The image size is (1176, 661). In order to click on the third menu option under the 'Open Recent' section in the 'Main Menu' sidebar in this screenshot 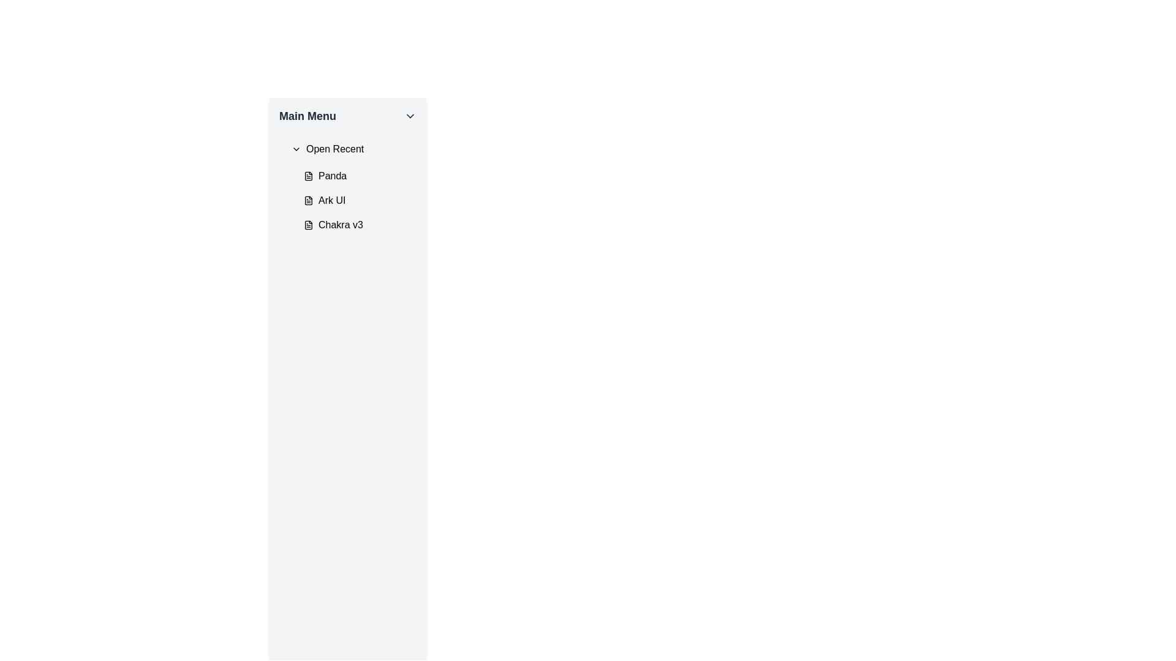, I will do `click(361, 225)`.